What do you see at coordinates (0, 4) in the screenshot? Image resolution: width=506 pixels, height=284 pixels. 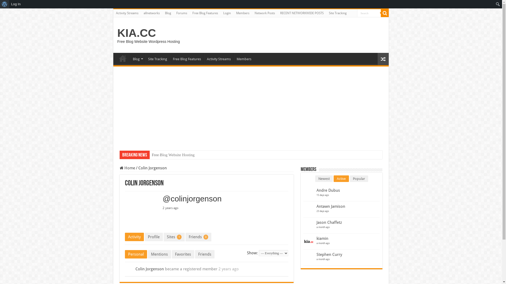 I see `'About WordPress'` at bounding box center [0, 4].